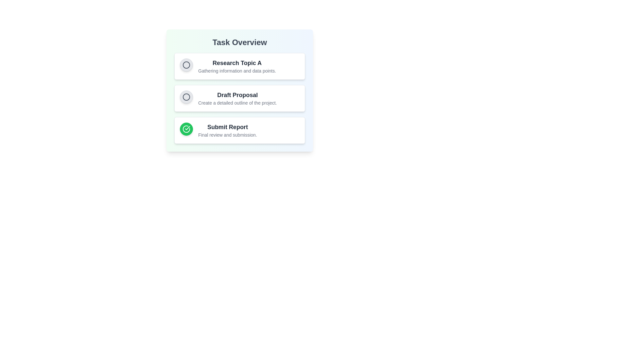 The width and height of the screenshot is (628, 353). I want to click on the title of the first task in the 'Task Overview' section, so click(236, 63).